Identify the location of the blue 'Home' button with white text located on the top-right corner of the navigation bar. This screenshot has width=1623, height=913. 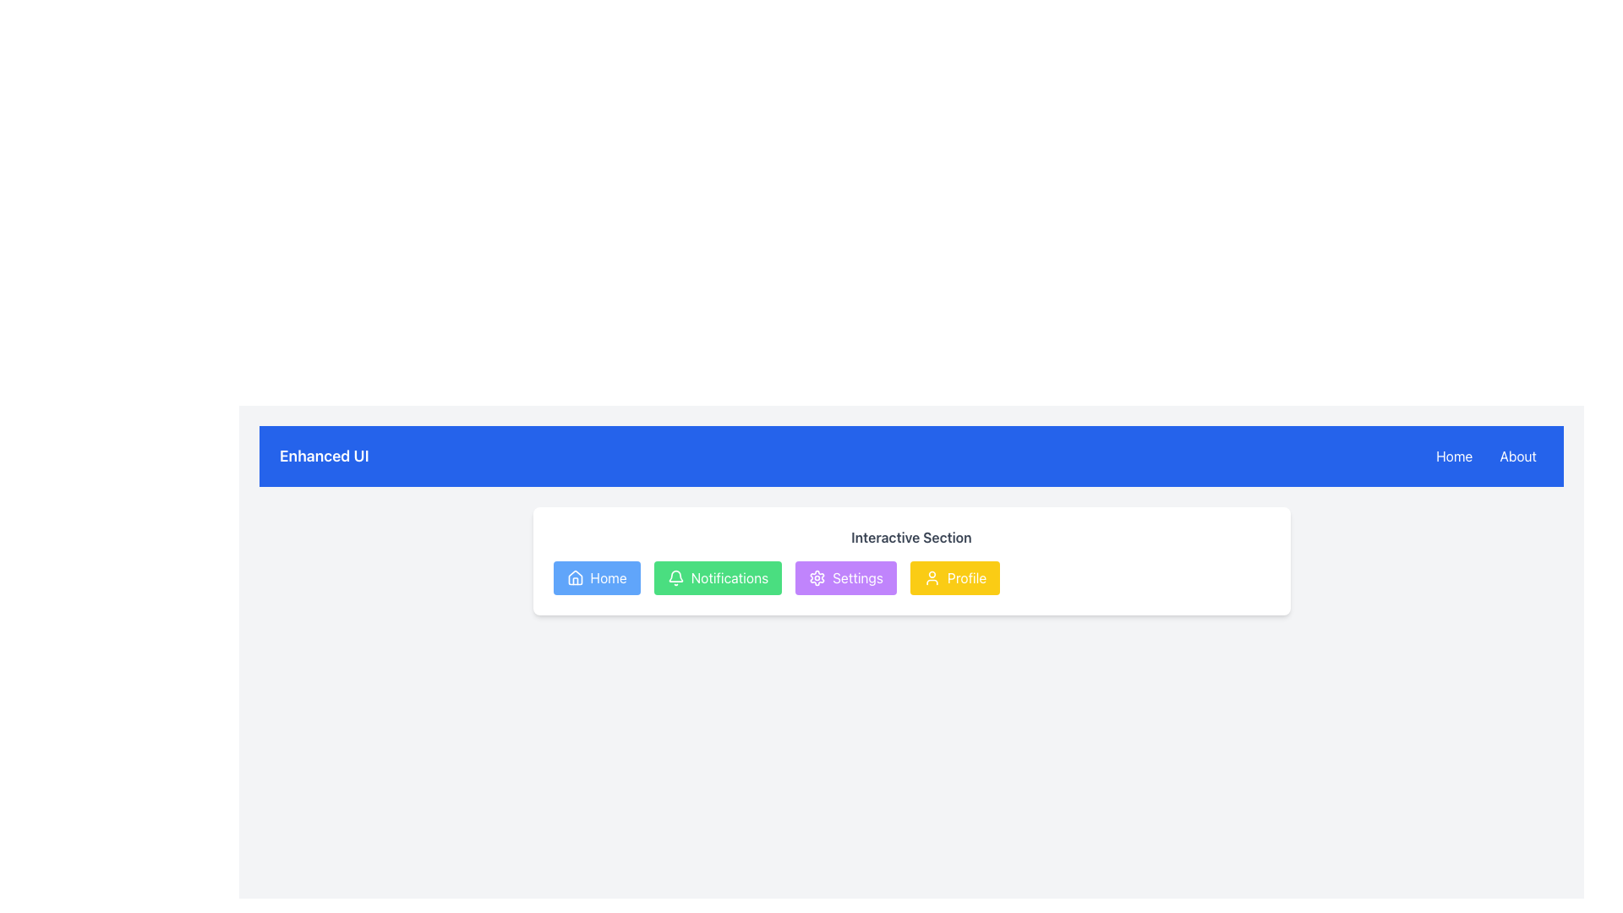
(1453, 456).